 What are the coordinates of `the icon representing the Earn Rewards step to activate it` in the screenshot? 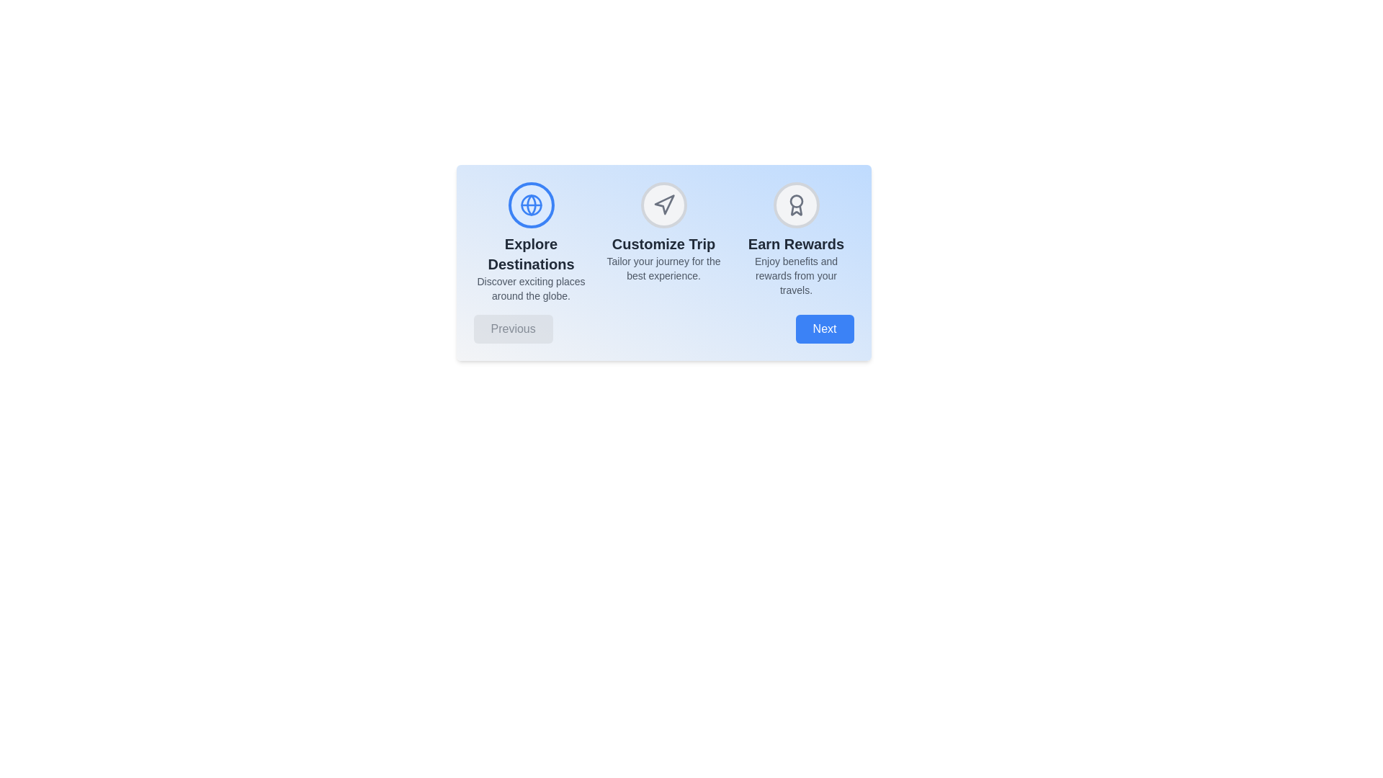 It's located at (795, 205).